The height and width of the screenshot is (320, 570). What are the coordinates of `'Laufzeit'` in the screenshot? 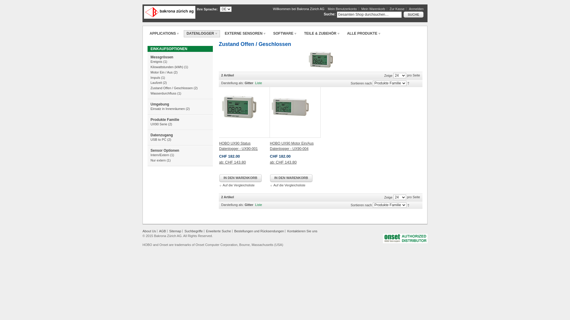 It's located at (156, 82).